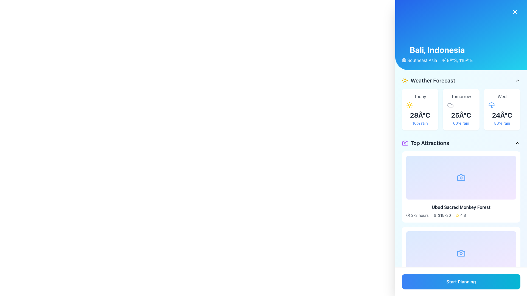 The height and width of the screenshot is (296, 527). Describe the element at coordinates (491, 105) in the screenshot. I see `the umbrella icon in the Weather Forecast section` at that location.